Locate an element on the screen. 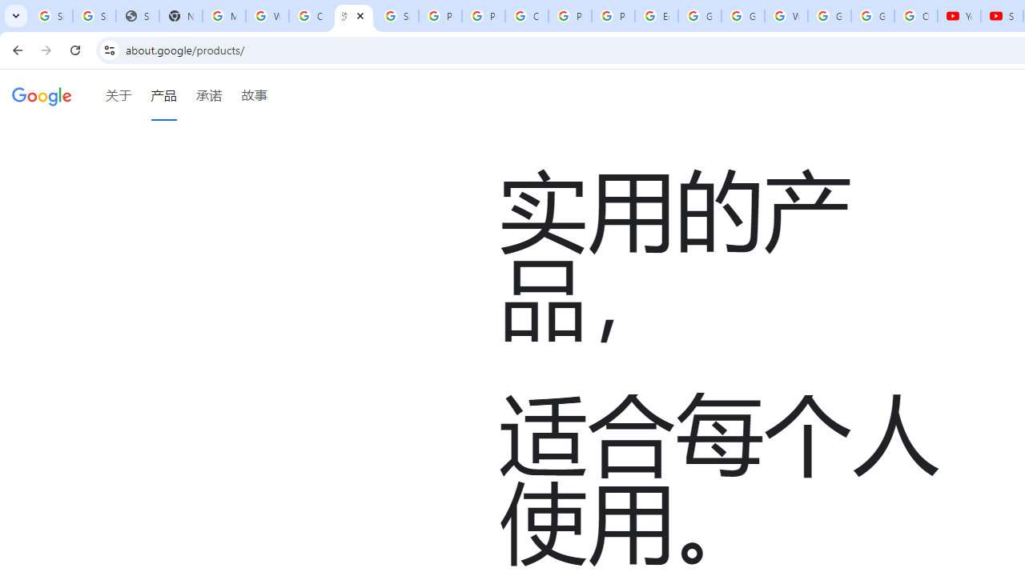  'Sign in - Google Accounts' is located at coordinates (93, 16).